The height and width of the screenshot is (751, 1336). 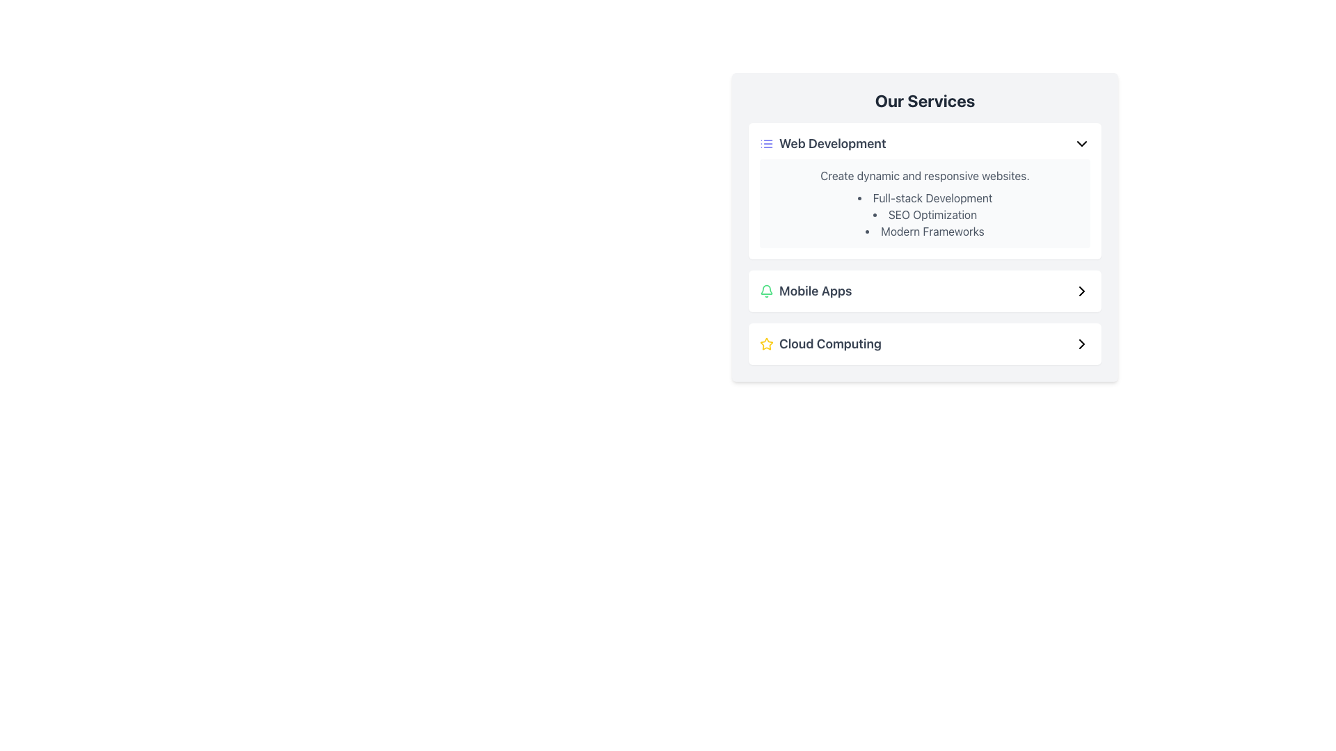 What do you see at coordinates (1081, 291) in the screenshot?
I see `the arrow icon pointing to the right, located to the far right of the 'Mobile Apps' text in the 'Our Services' section` at bounding box center [1081, 291].